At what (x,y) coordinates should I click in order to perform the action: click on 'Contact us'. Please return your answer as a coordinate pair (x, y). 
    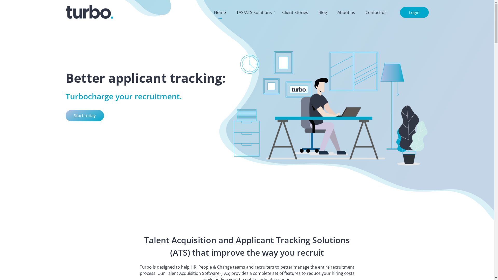
    Looking at the image, I should click on (376, 12).